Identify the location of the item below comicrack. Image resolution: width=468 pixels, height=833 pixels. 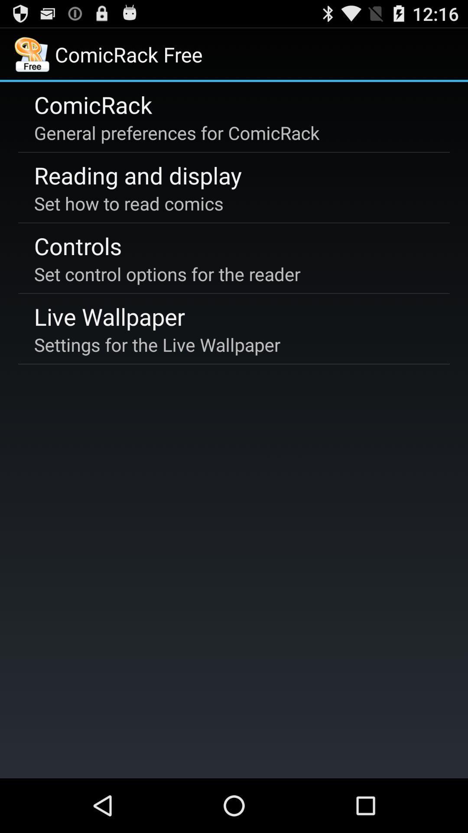
(176, 132).